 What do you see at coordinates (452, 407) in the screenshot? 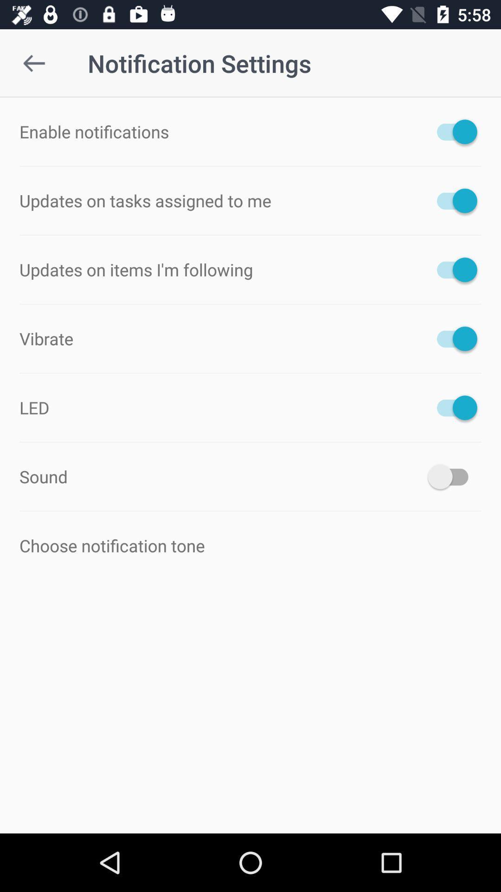
I see `led notification` at bounding box center [452, 407].